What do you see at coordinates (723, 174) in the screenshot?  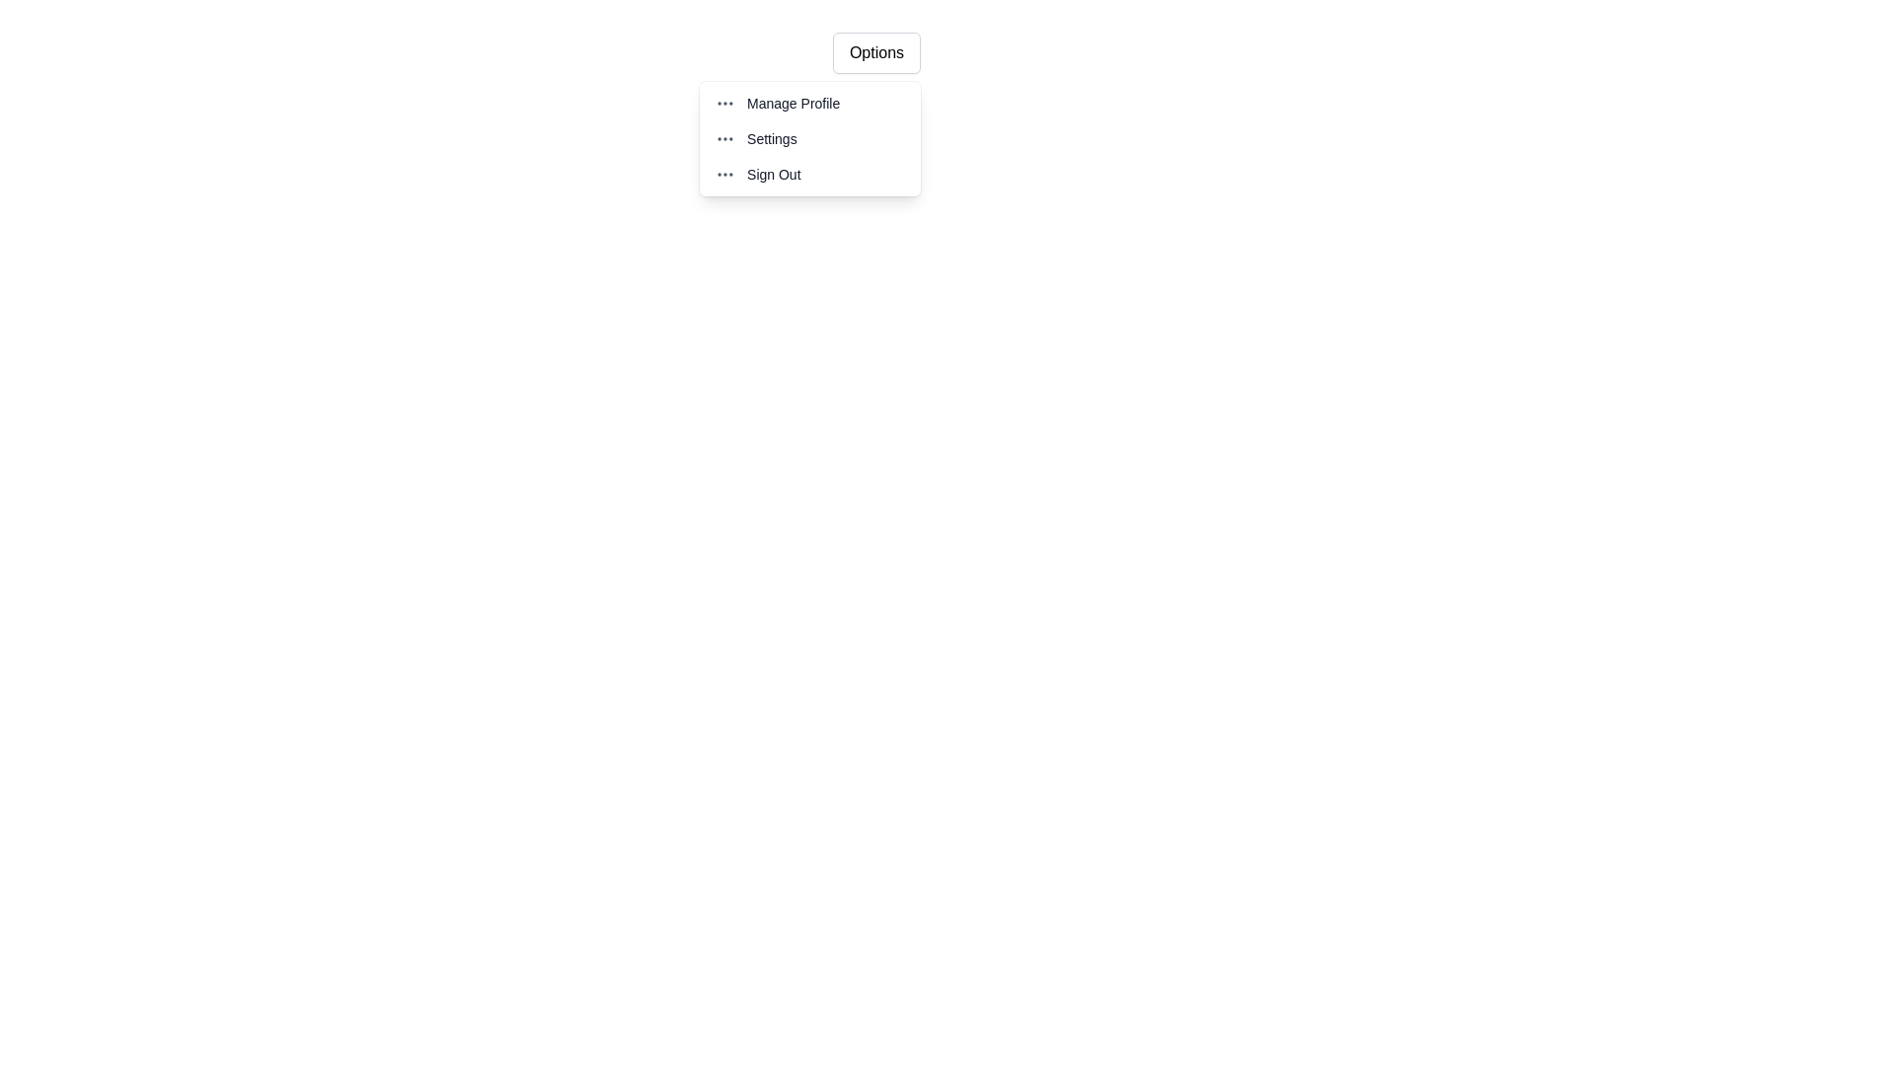 I see `the leftmost icon within the 'Sign Out' option, positioned to the left of the 'Sign Out' text label` at bounding box center [723, 174].